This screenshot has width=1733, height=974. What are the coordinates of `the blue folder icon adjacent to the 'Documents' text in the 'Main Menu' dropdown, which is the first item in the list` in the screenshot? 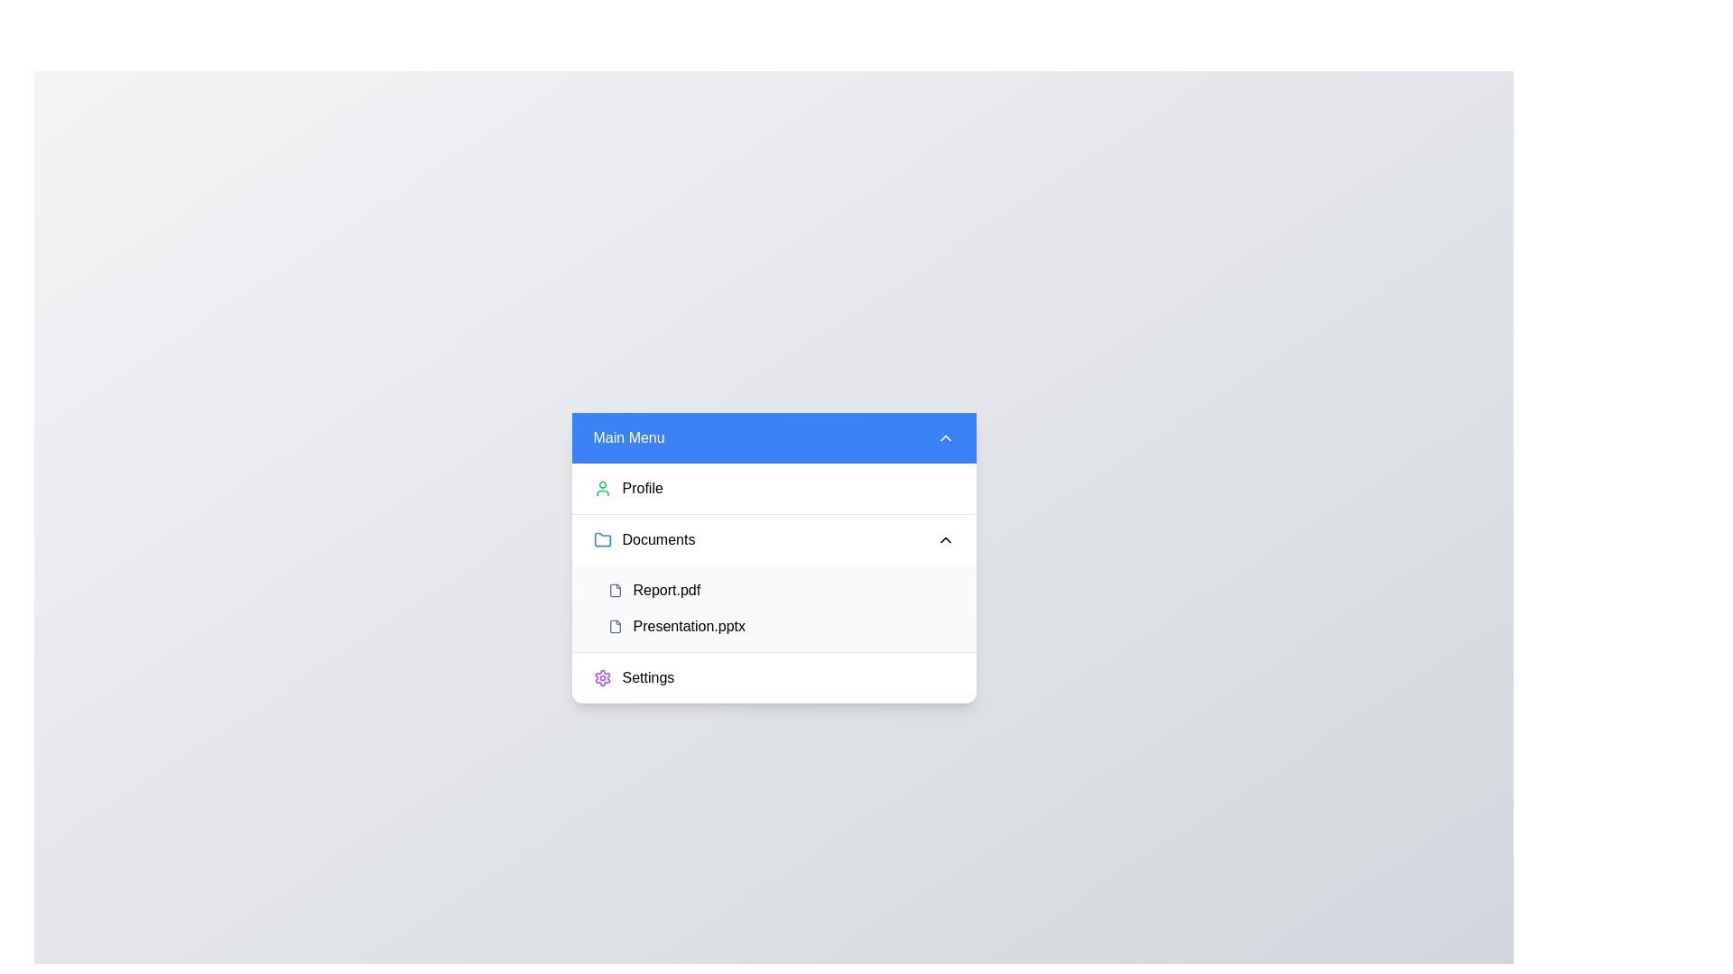 It's located at (602, 538).